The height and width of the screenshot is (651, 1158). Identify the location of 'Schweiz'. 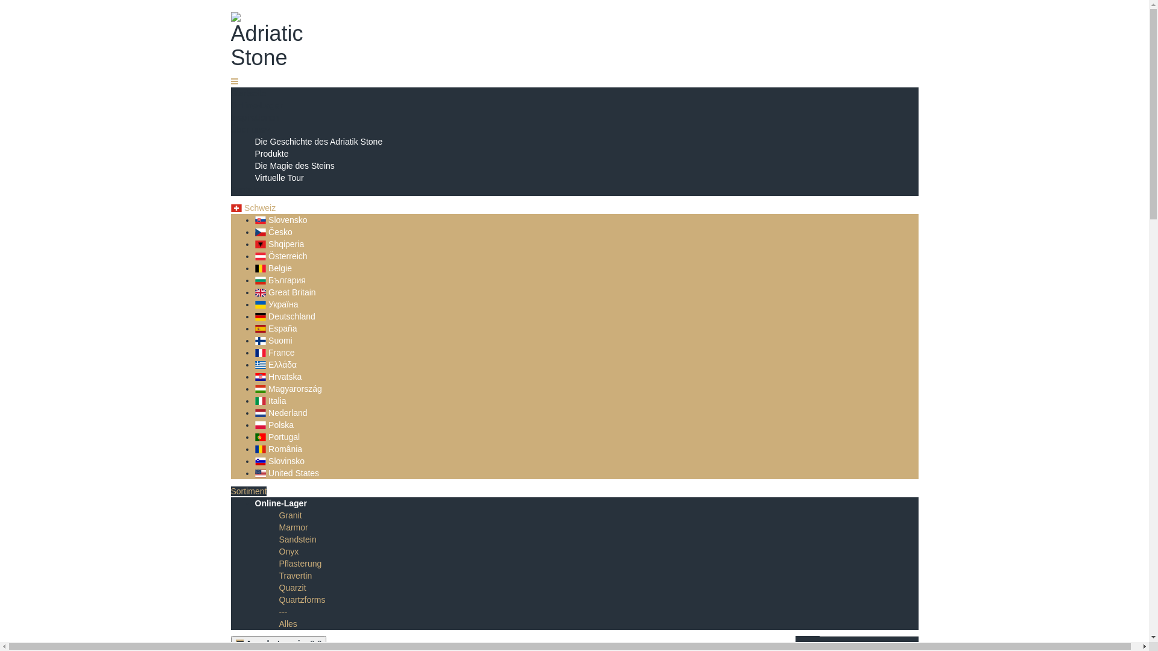
(230, 207).